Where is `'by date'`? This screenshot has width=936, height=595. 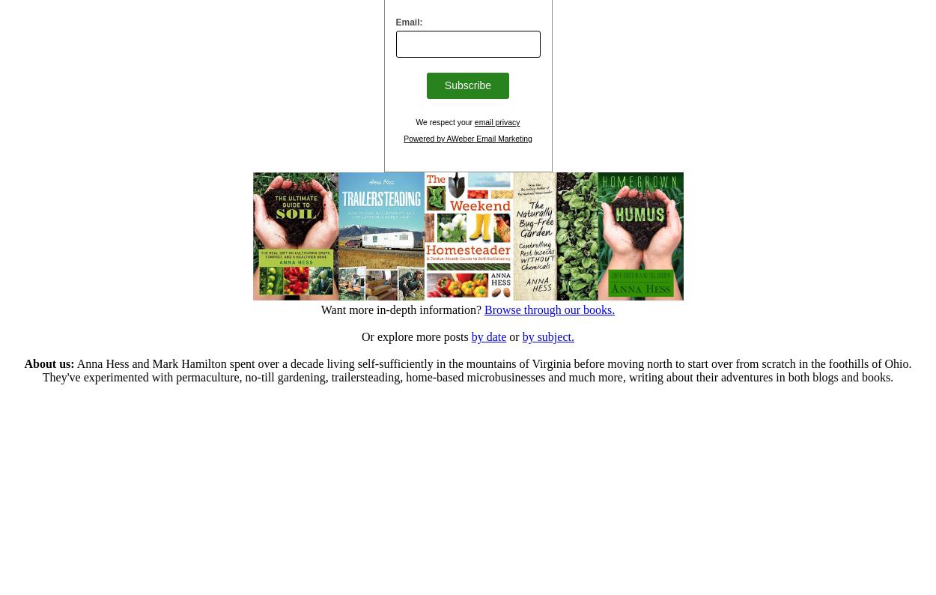 'by date' is located at coordinates (488, 336).